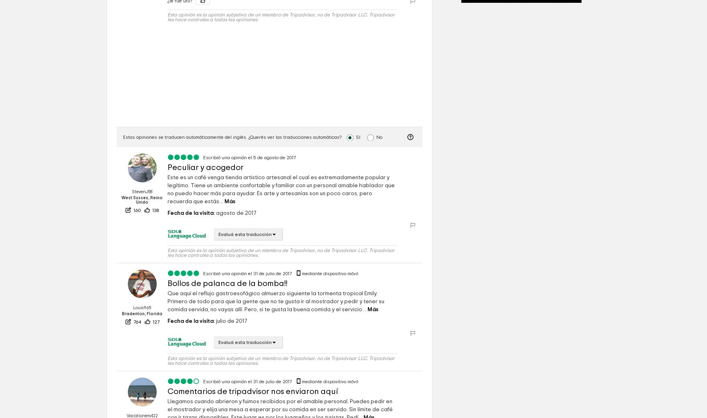 The height and width of the screenshot is (418, 707). I want to click on 'West Sussex, Reino Unido', so click(142, 200).